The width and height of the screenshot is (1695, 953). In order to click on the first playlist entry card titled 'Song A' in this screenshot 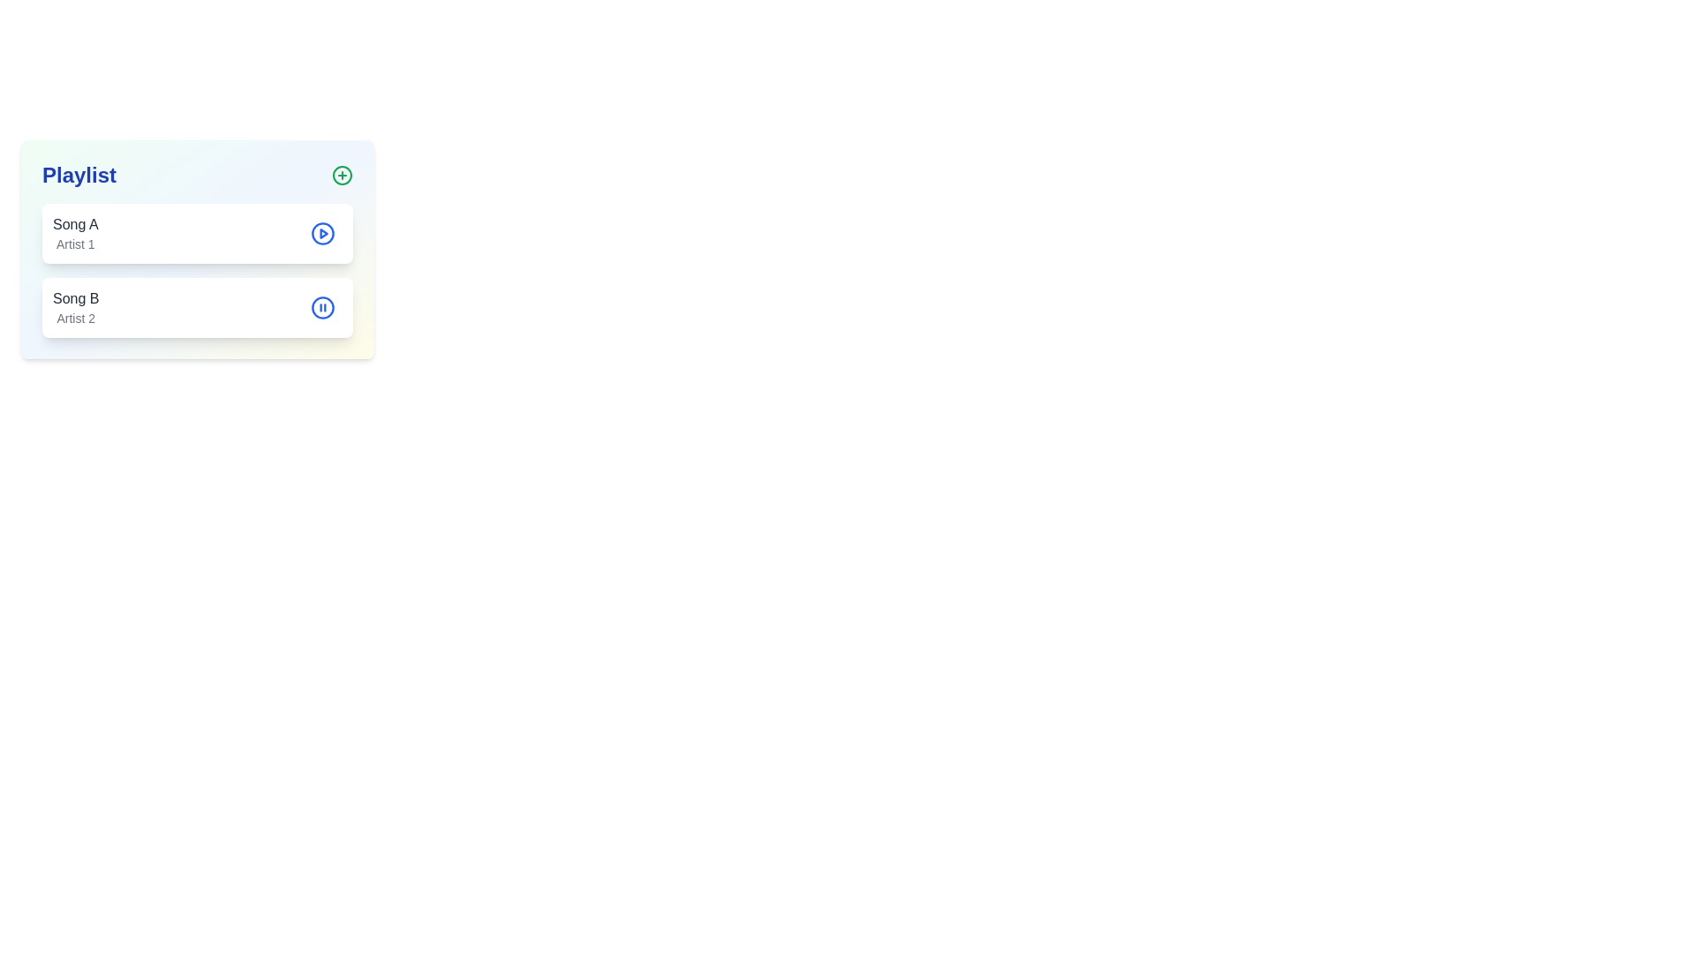, I will do `click(198, 249)`.